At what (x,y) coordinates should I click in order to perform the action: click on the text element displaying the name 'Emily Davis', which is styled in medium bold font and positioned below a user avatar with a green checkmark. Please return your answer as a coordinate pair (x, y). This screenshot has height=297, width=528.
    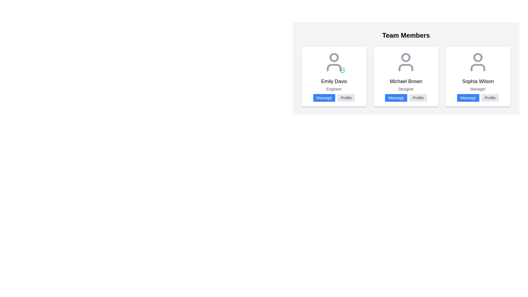
    Looking at the image, I should click on (334, 81).